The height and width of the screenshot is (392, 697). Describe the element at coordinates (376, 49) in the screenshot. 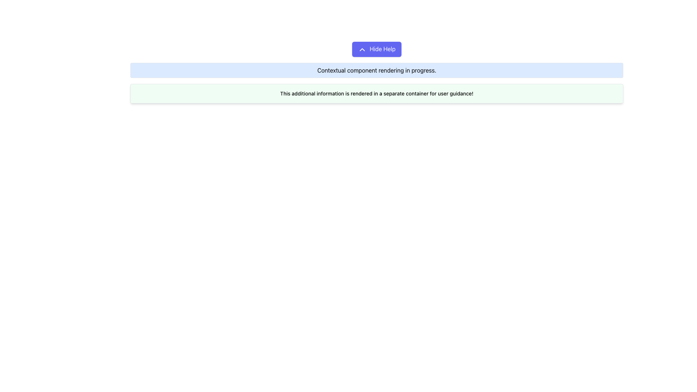

I see `the button that toggles the visibility of the help content, located centrally above the contextual information text` at that location.